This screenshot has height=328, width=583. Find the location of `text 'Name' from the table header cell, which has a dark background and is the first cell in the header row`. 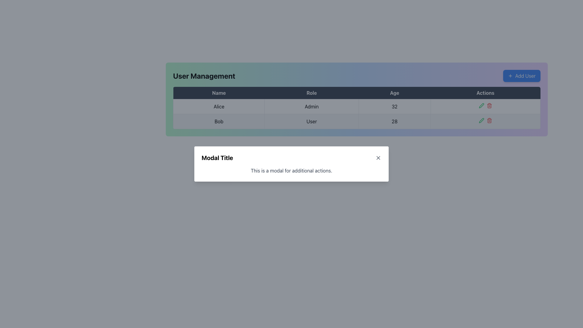

text 'Name' from the table header cell, which has a dark background and is the first cell in the header row is located at coordinates (219, 93).